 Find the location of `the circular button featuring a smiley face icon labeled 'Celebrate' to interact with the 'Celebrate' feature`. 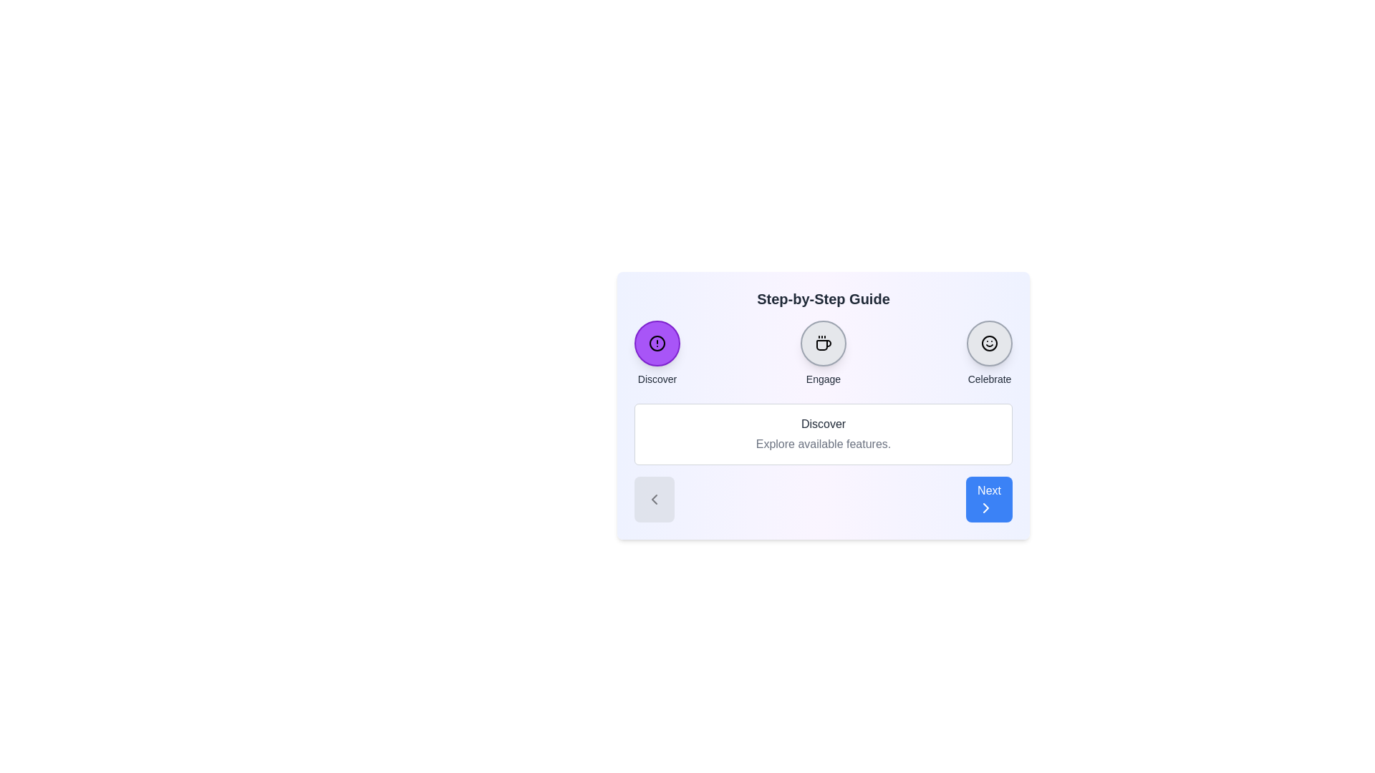

the circular button featuring a smiley face icon labeled 'Celebrate' to interact with the 'Celebrate' feature is located at coordinates (989, 353).